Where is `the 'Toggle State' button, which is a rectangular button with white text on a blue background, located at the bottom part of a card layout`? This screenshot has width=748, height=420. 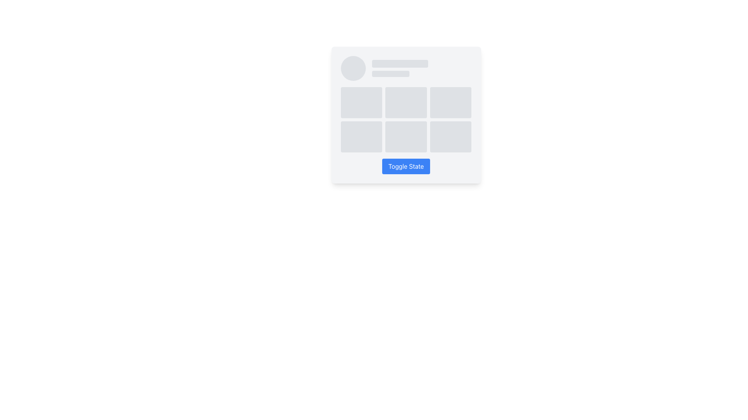 the 'Toggle State' button, which is a rectangular button with white text on a blue background, located at the bottom part of a card layout is located at coordinates (406, 166).